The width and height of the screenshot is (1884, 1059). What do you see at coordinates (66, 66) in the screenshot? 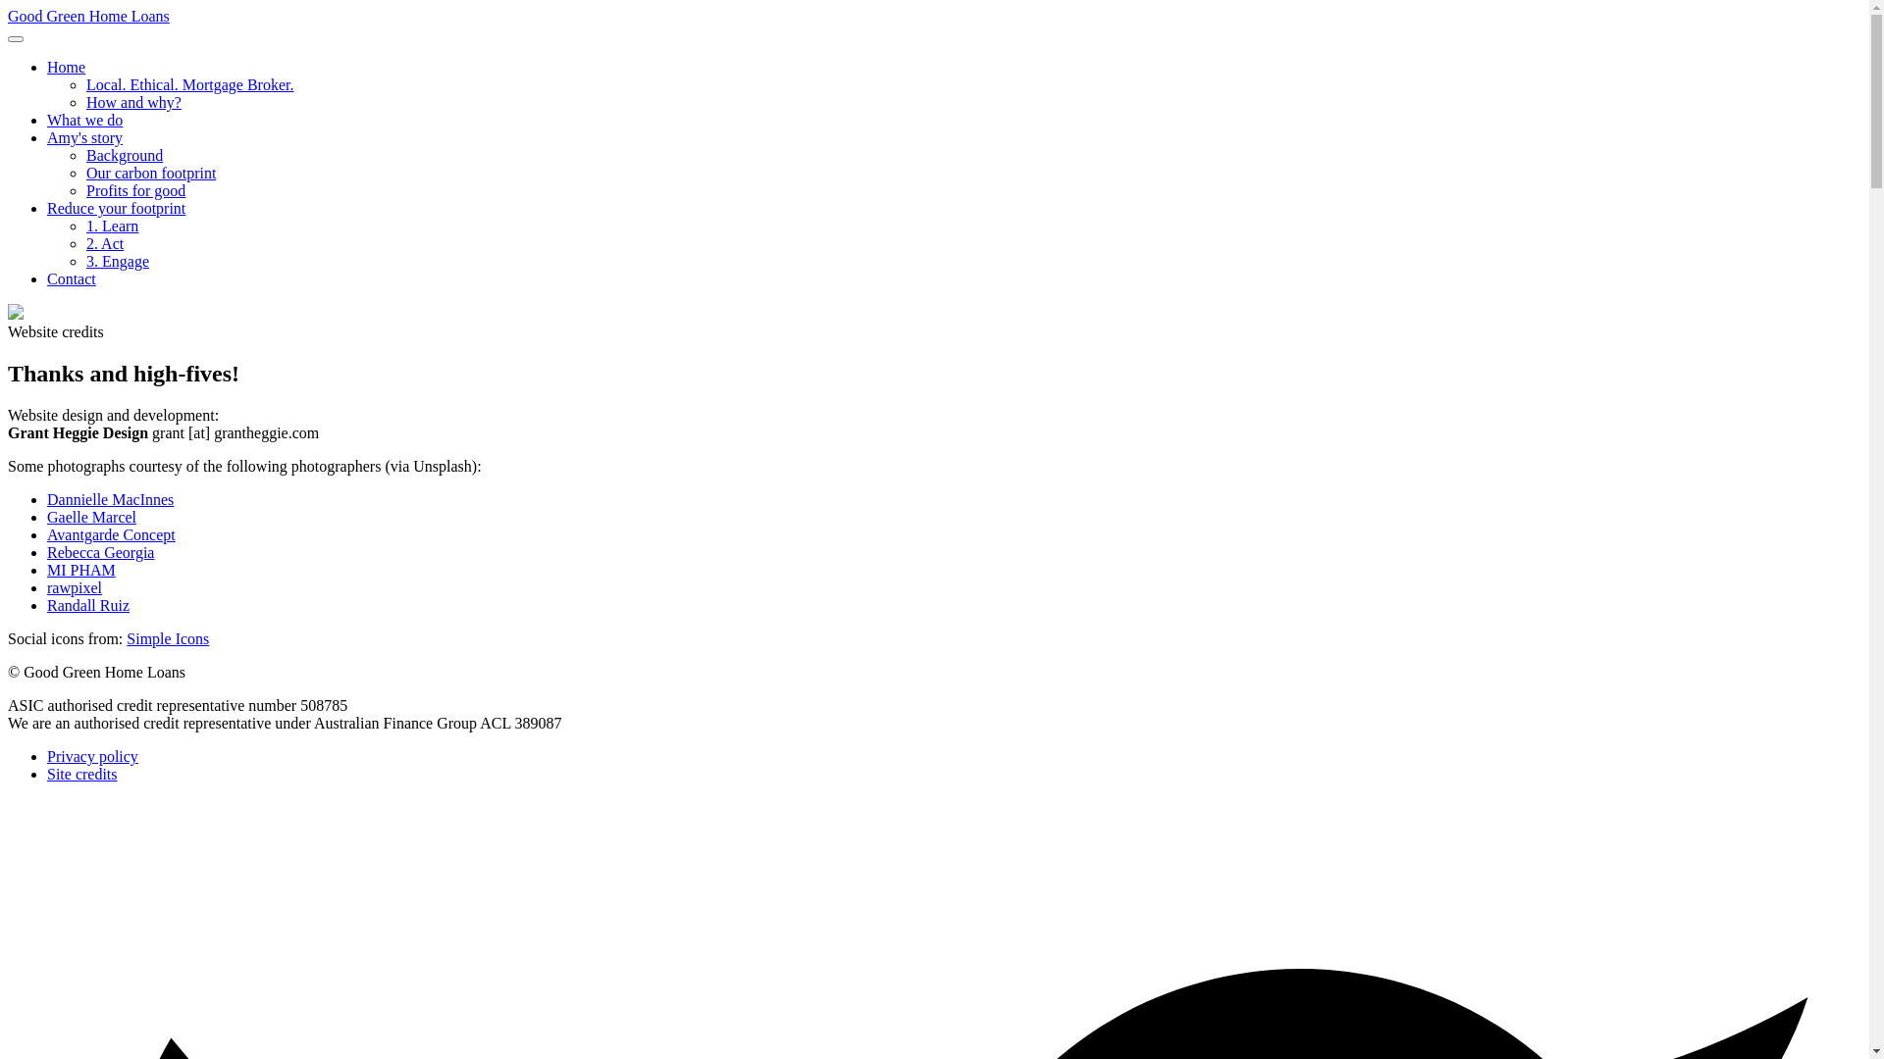
I see `'Home'` at bounding box center [66, 66].